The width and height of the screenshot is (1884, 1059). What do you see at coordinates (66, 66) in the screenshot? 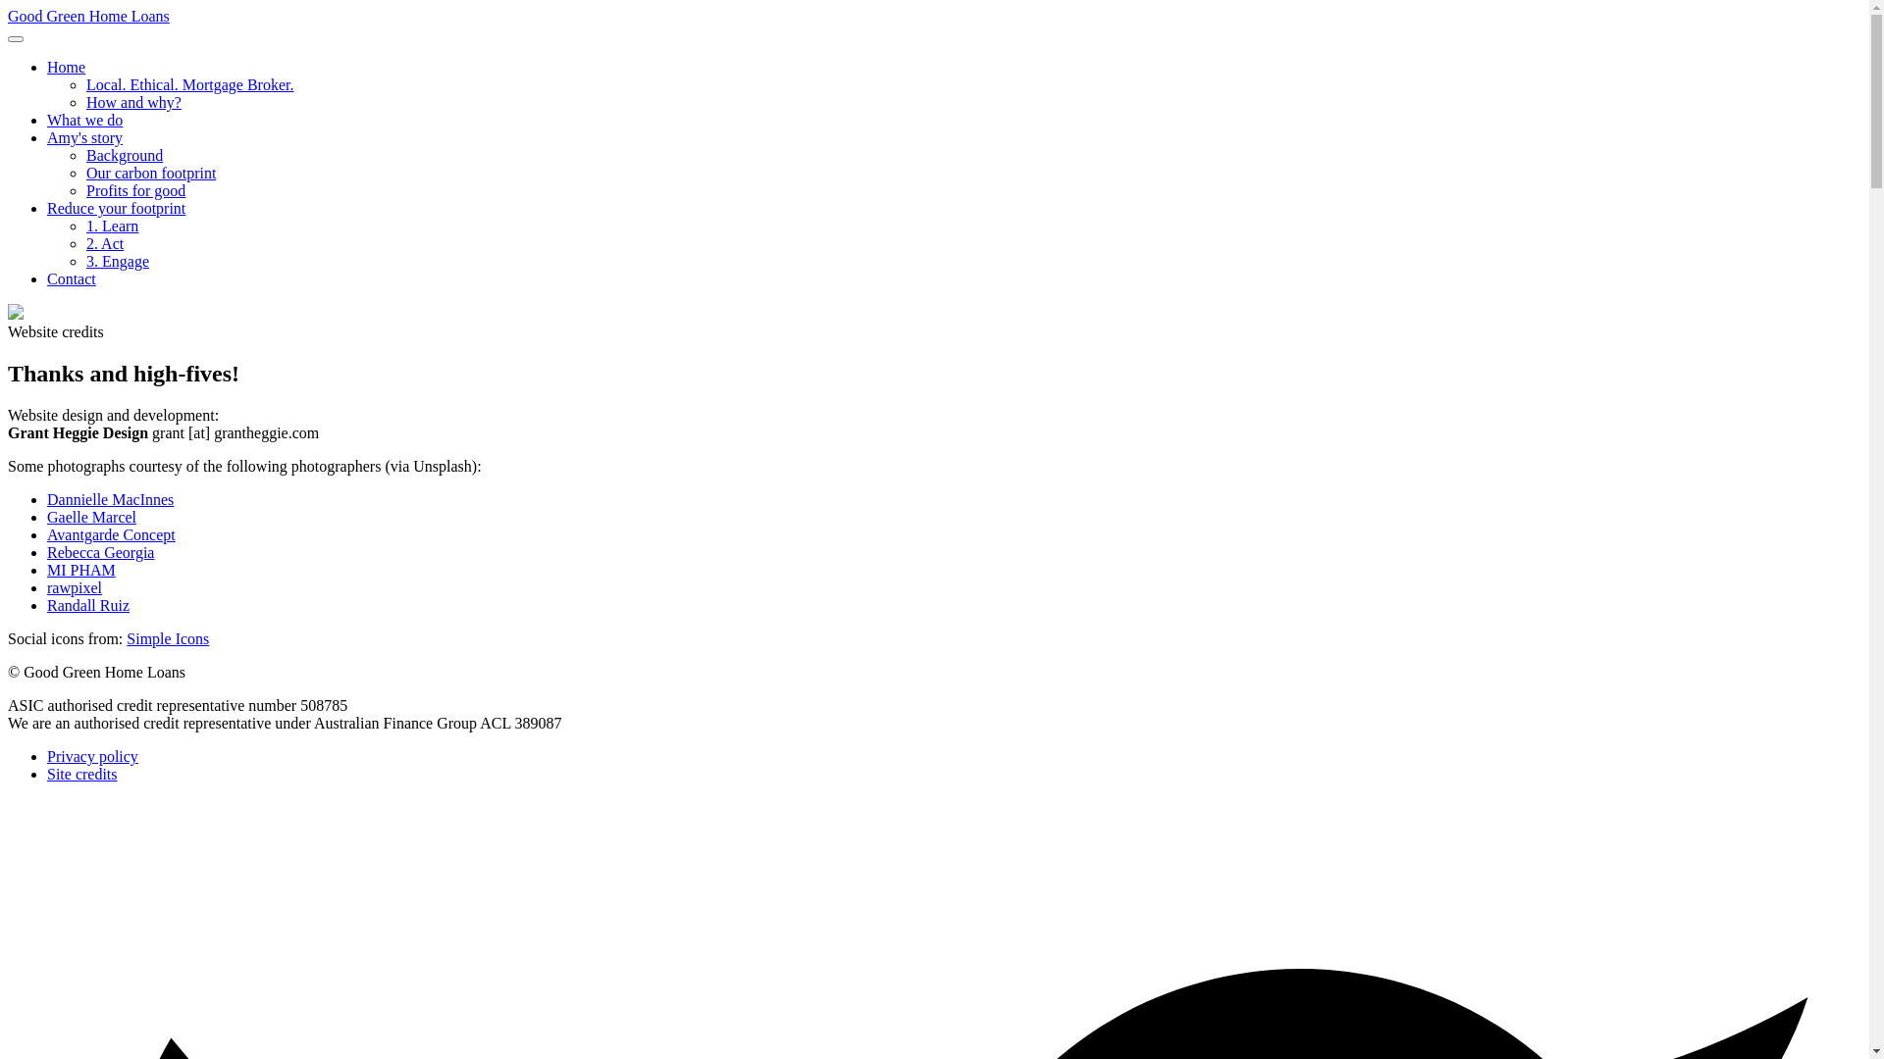
I see `'Home'` at bounding box center [66, 66].